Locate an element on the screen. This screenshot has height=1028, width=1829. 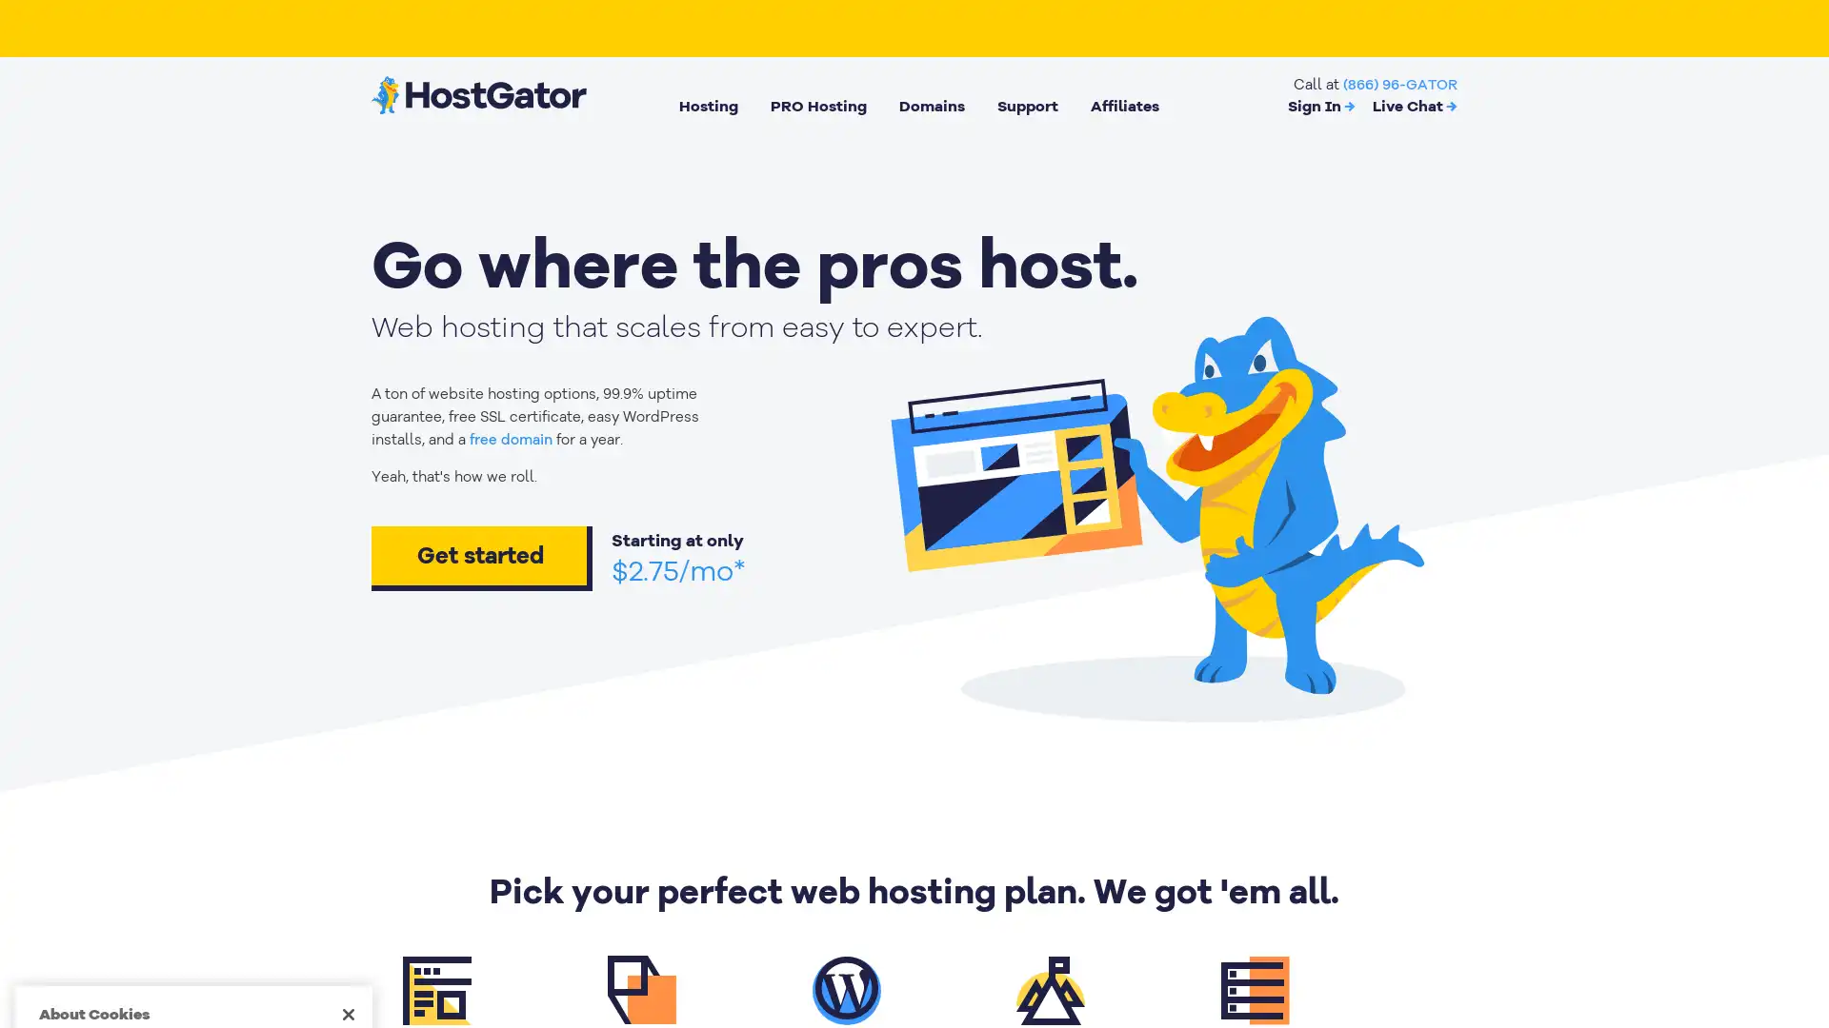
Close is located at coordinates (348, 713).